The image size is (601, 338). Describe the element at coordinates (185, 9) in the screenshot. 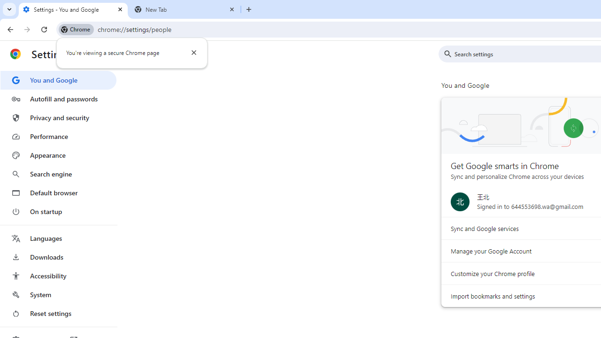

I see `'New Tab'` at that location.